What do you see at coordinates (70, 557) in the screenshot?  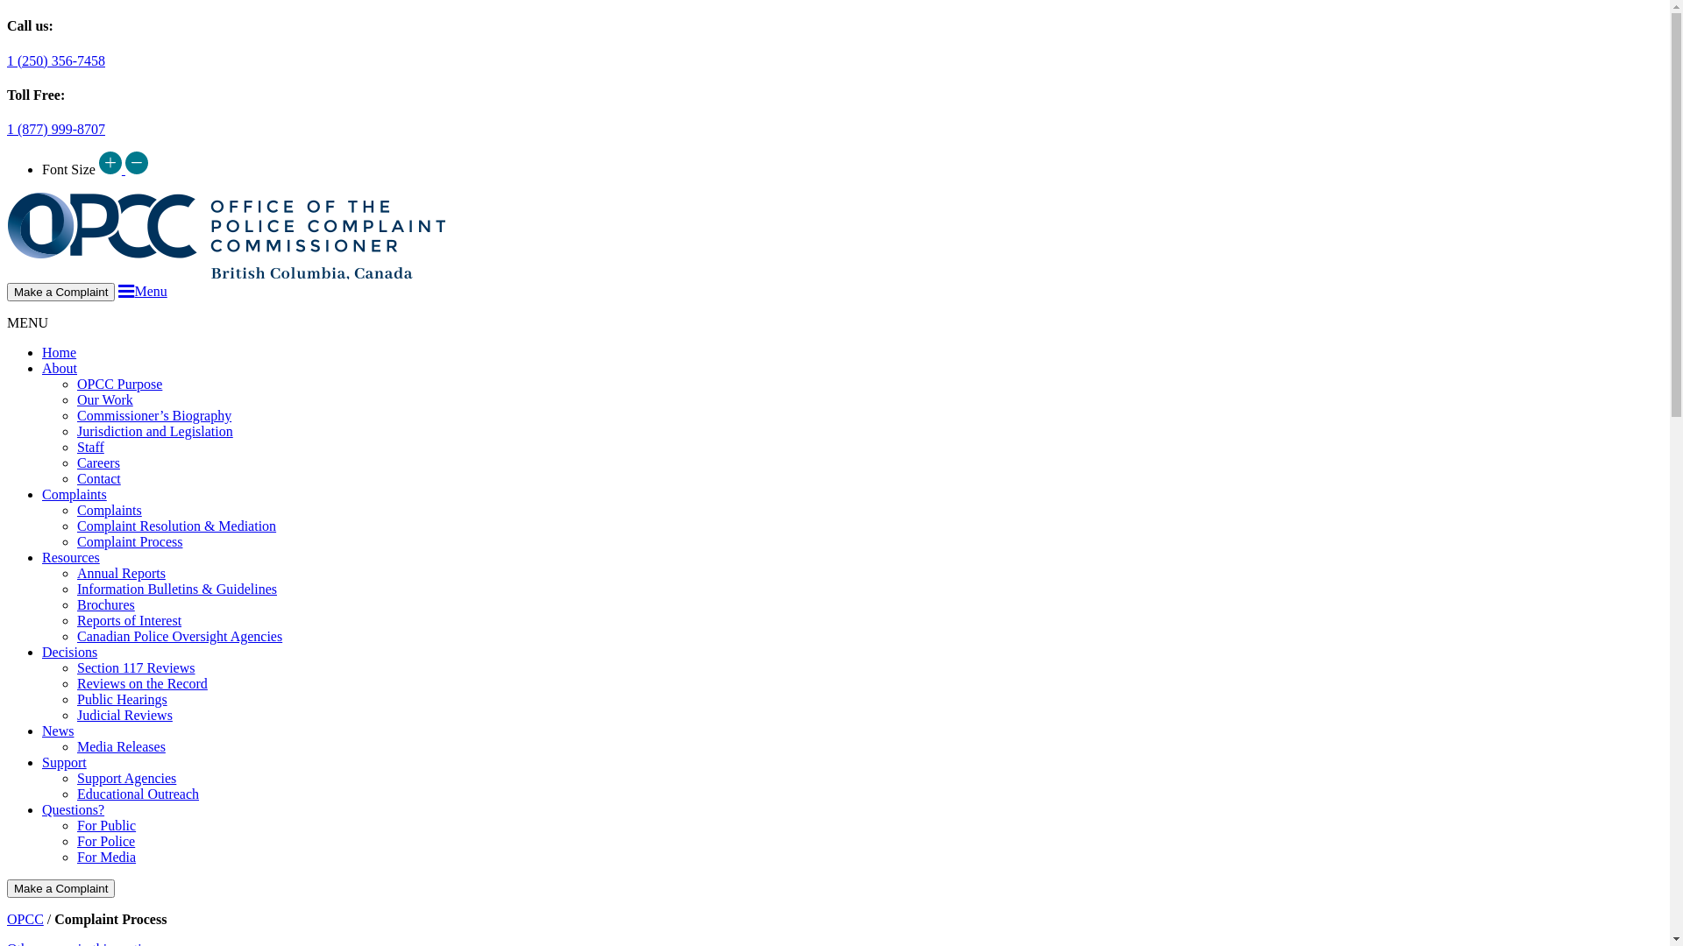 I see `'Resources'` at bounding box center [70, 557].